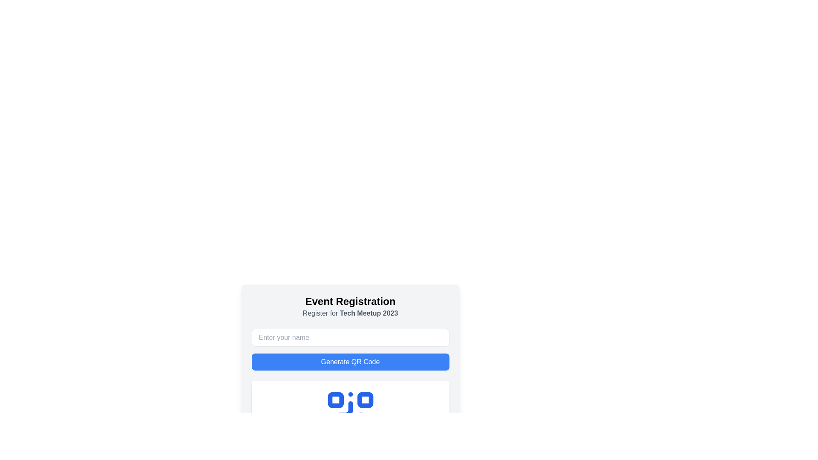 The width and height of the screenshot is (818, 460). What do you see at coordinates (369, 313) in the screenshot?
I see `the text label that identifies the event title 'Tech Meetup 2023', located centrally below the heading 'Event Registration'` at bounding box center [369, 313].